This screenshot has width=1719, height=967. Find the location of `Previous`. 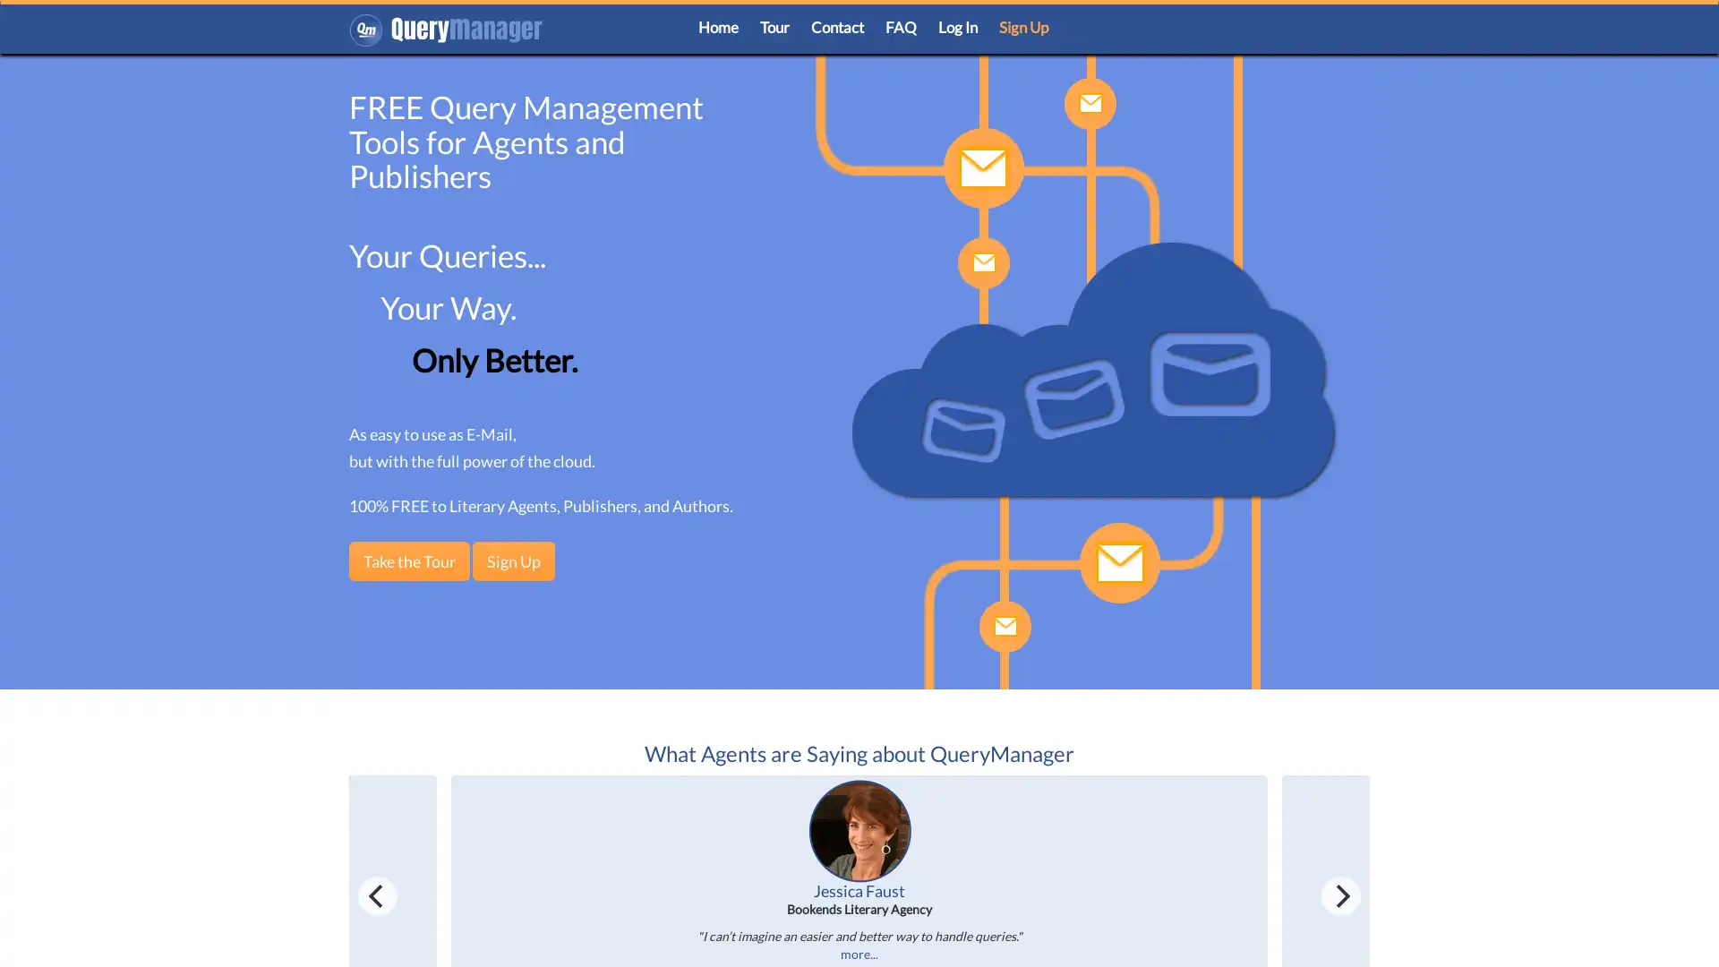

Previous is located at coordinates (377, 894).